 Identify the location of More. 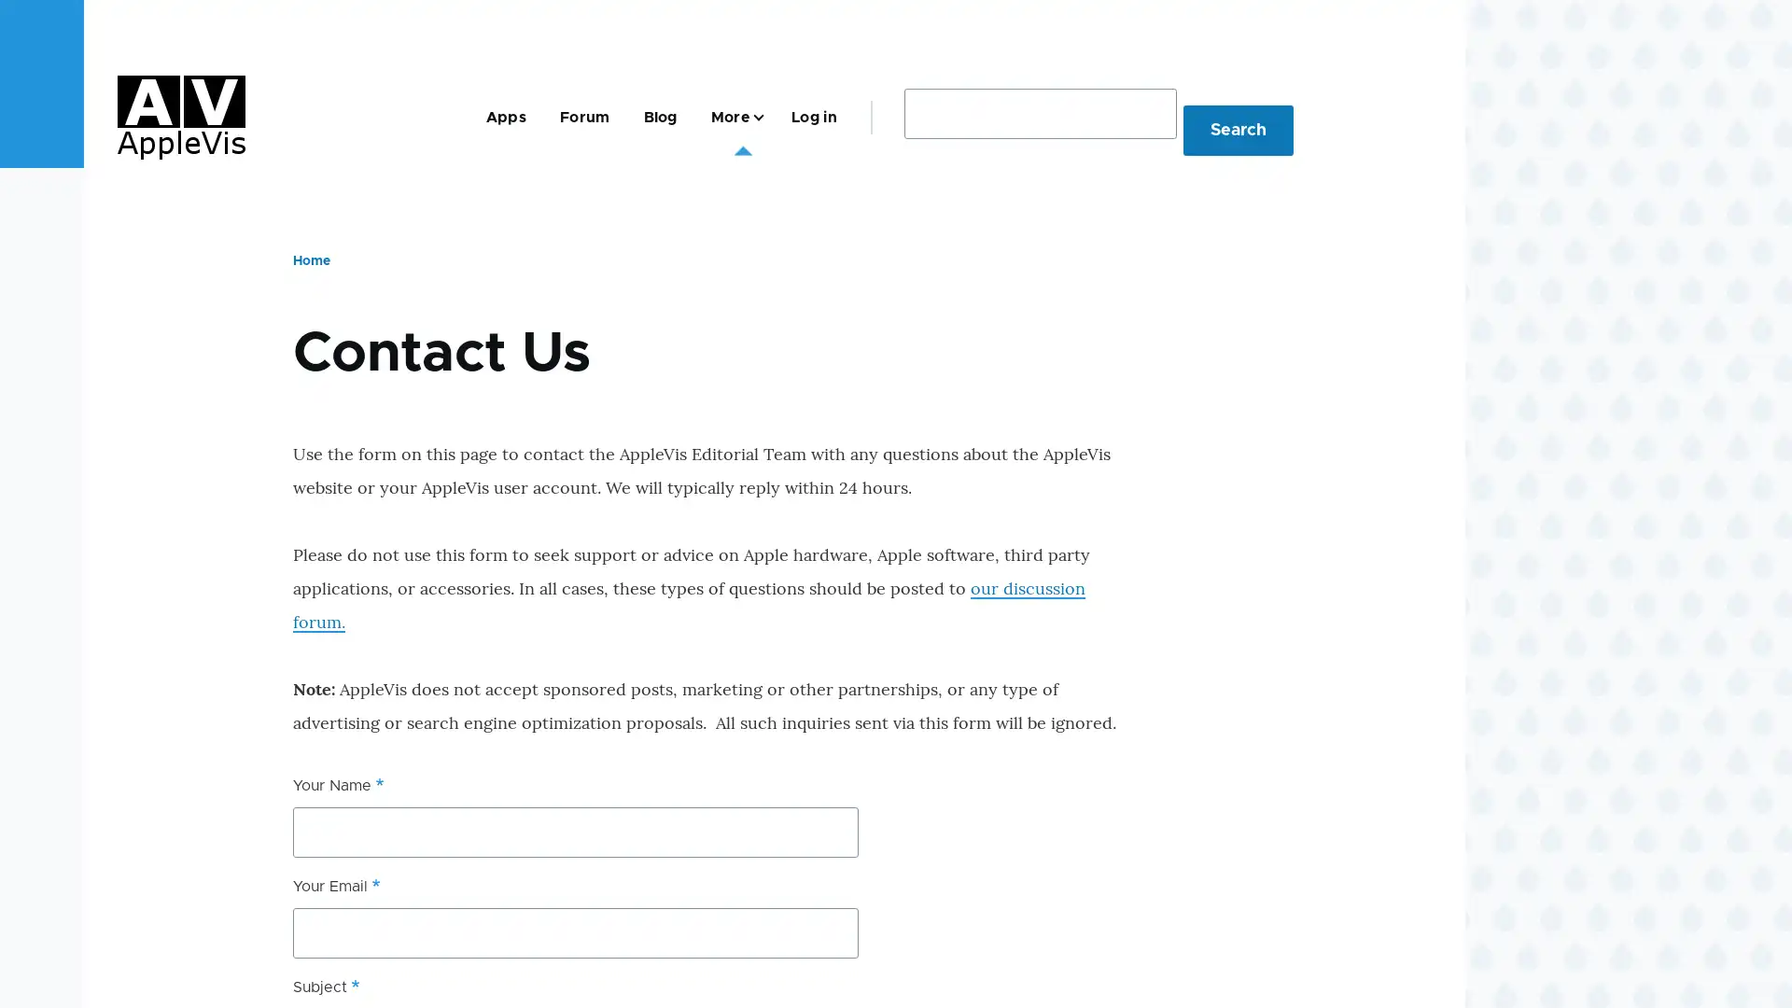
(733, 117).